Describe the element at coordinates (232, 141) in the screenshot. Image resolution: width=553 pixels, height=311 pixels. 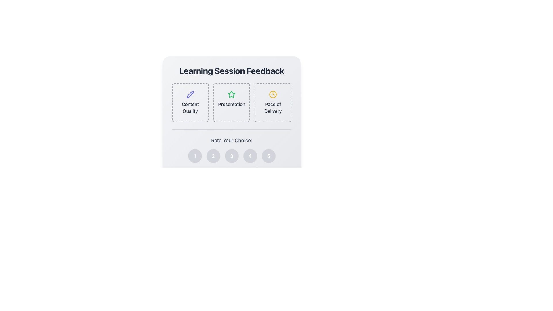
I see `text label that serves as a prompt for the rating options, positioned centrally above the rating numbers in the feedback form` at that location.